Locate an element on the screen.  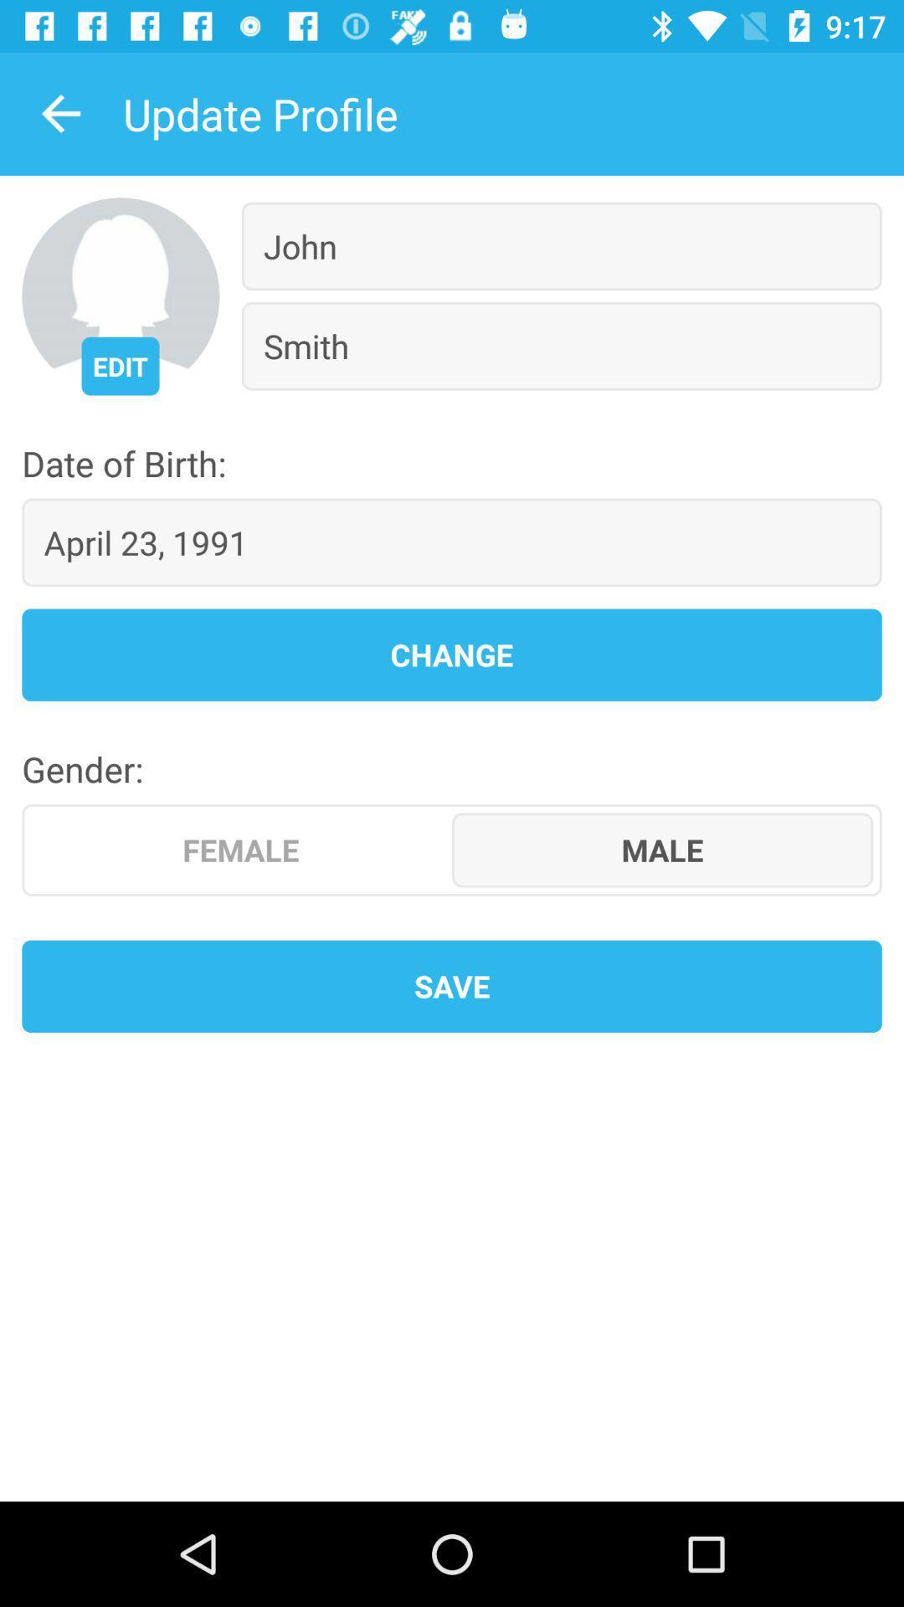
the item next to the smith item is located at coordinates (119, 365).